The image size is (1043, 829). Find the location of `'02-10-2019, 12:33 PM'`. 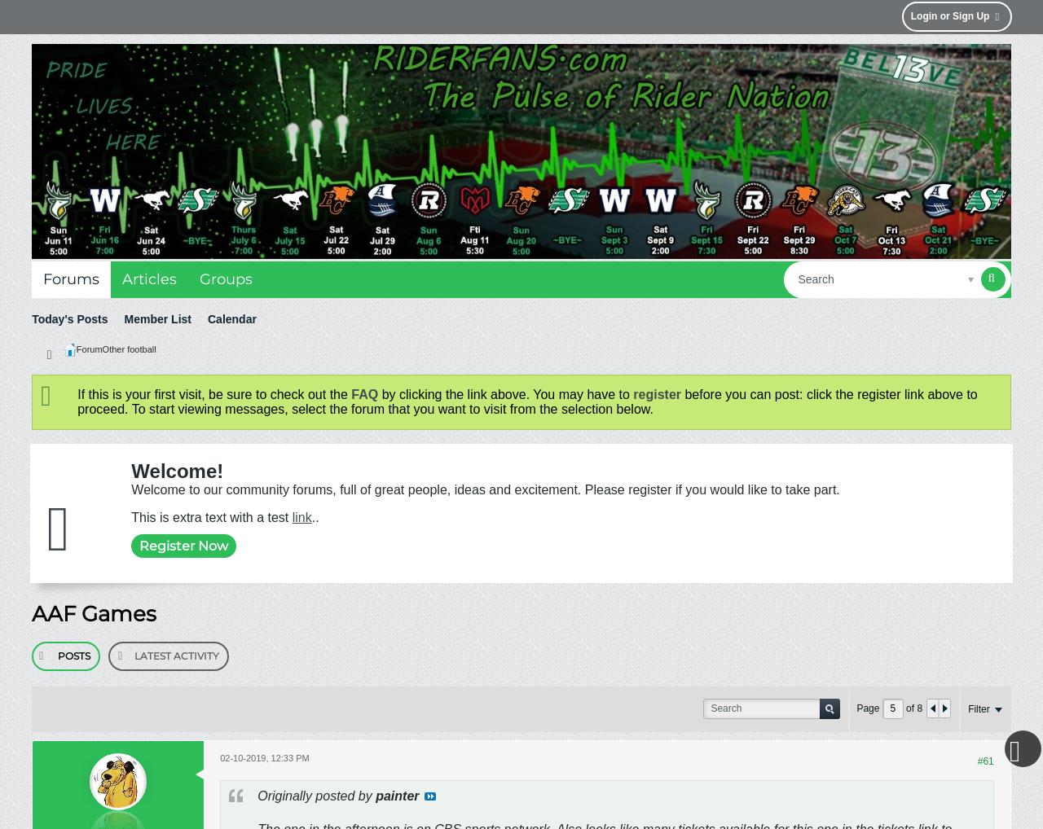

'02-10-2019, 12:33 PM' is located at coordinates (264, 757).